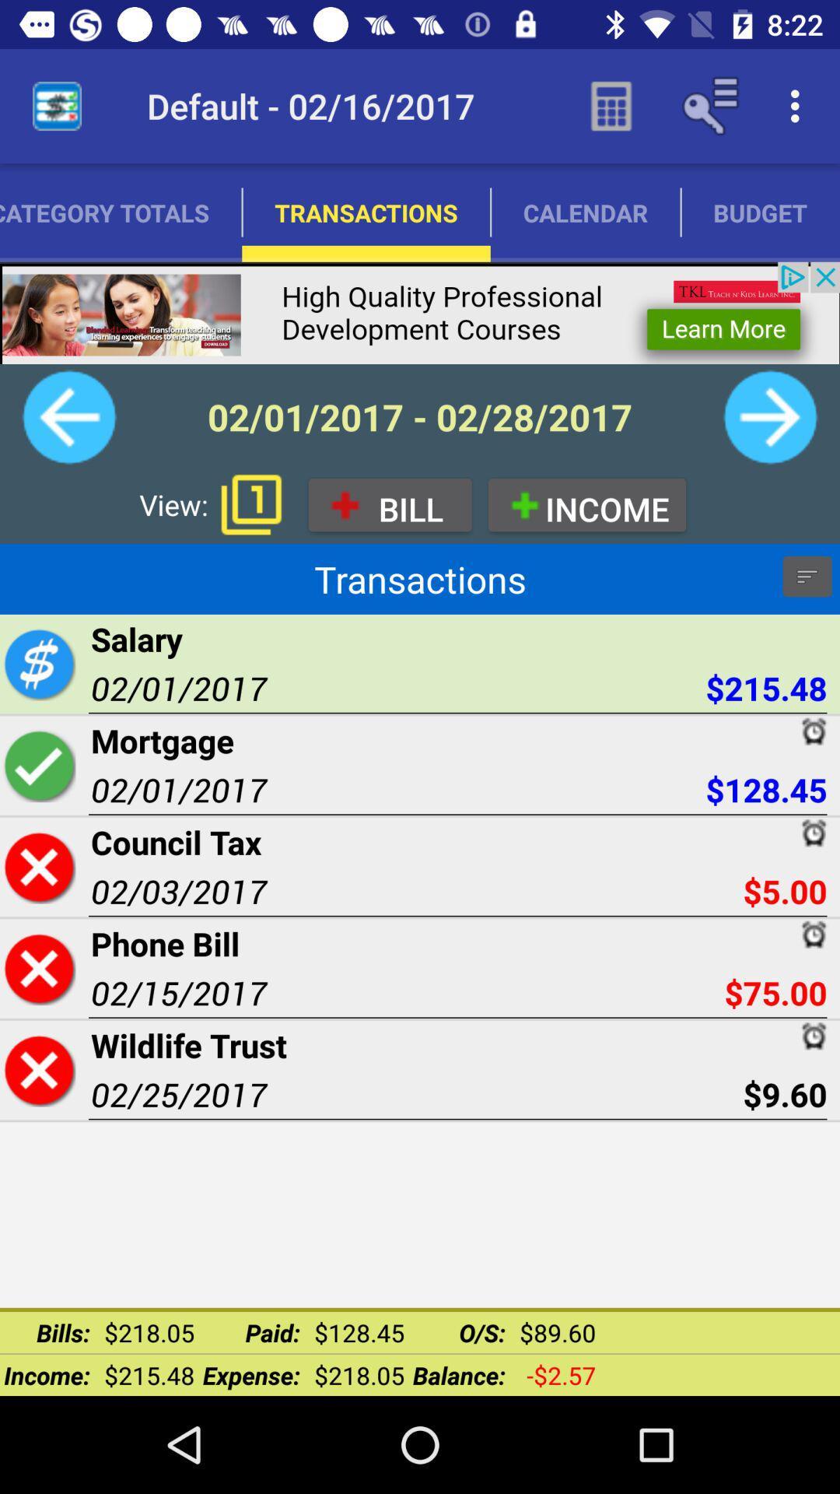 The height and width of the screenshot is (1494, 840). What do you see at coordinates (420, 312) in the screenshot?
I see `advertisement` at bounding box center [420, 312].